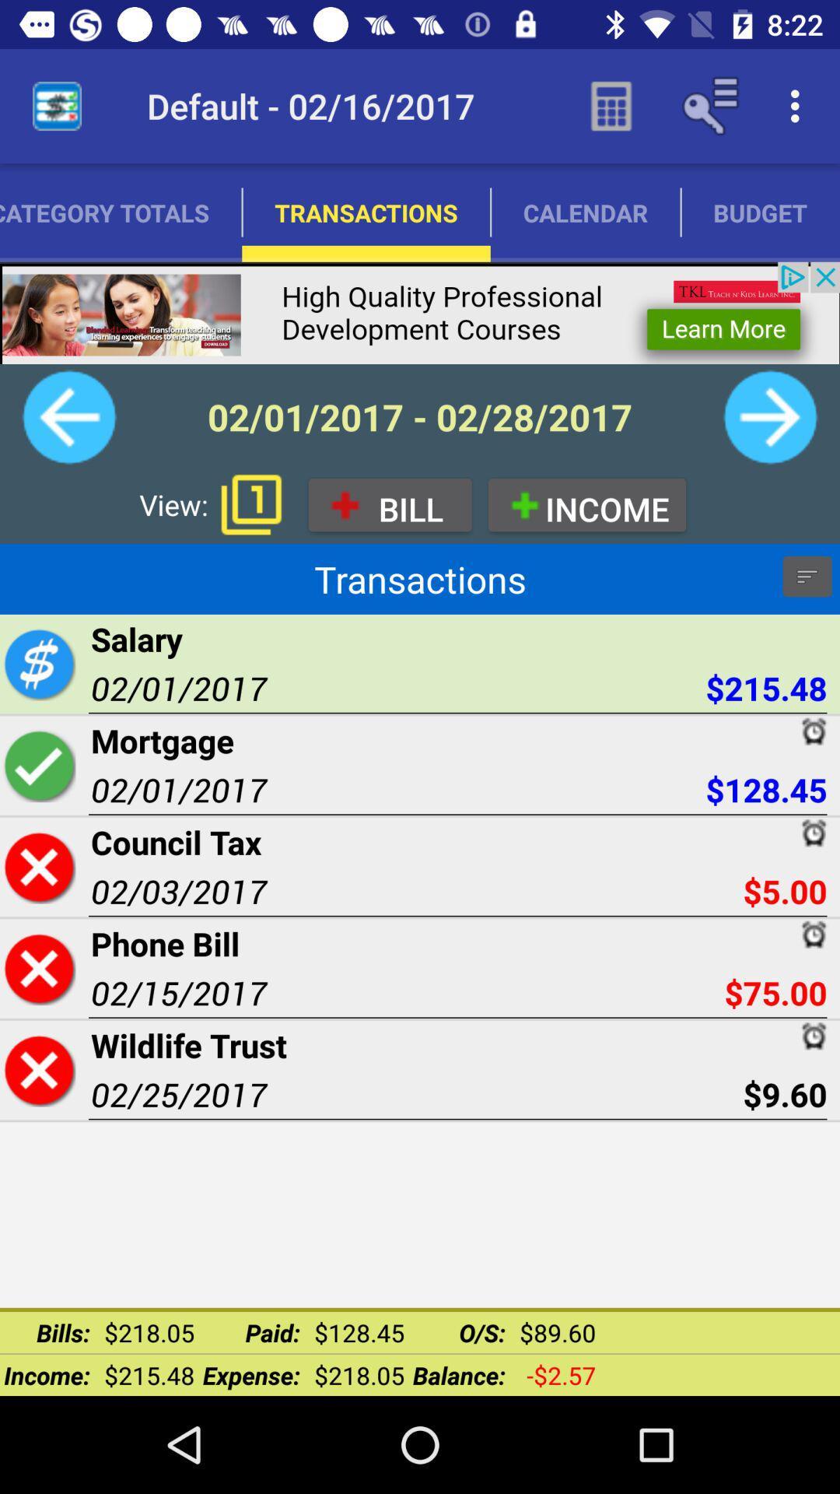 The height and width of the screenshot is (1494, 840). What do you see at coordinates (420, 312) in the screenshot?
I see `advertisement` at bounding box center [420, 312].